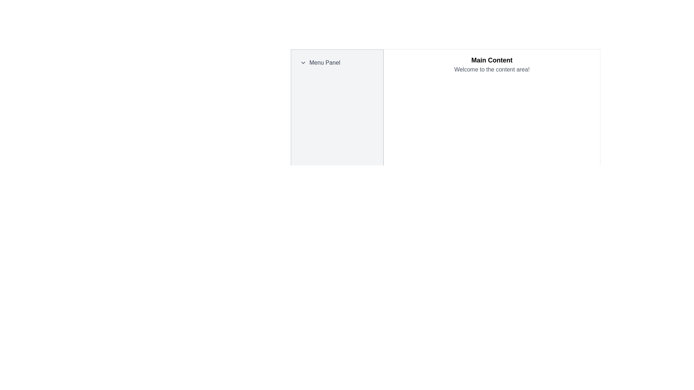 This screenshot has height=390, width=694. I want to click on the chevron dropdown indicator icon located to the left of the 'Menu Panel' text, so click(303, 62).